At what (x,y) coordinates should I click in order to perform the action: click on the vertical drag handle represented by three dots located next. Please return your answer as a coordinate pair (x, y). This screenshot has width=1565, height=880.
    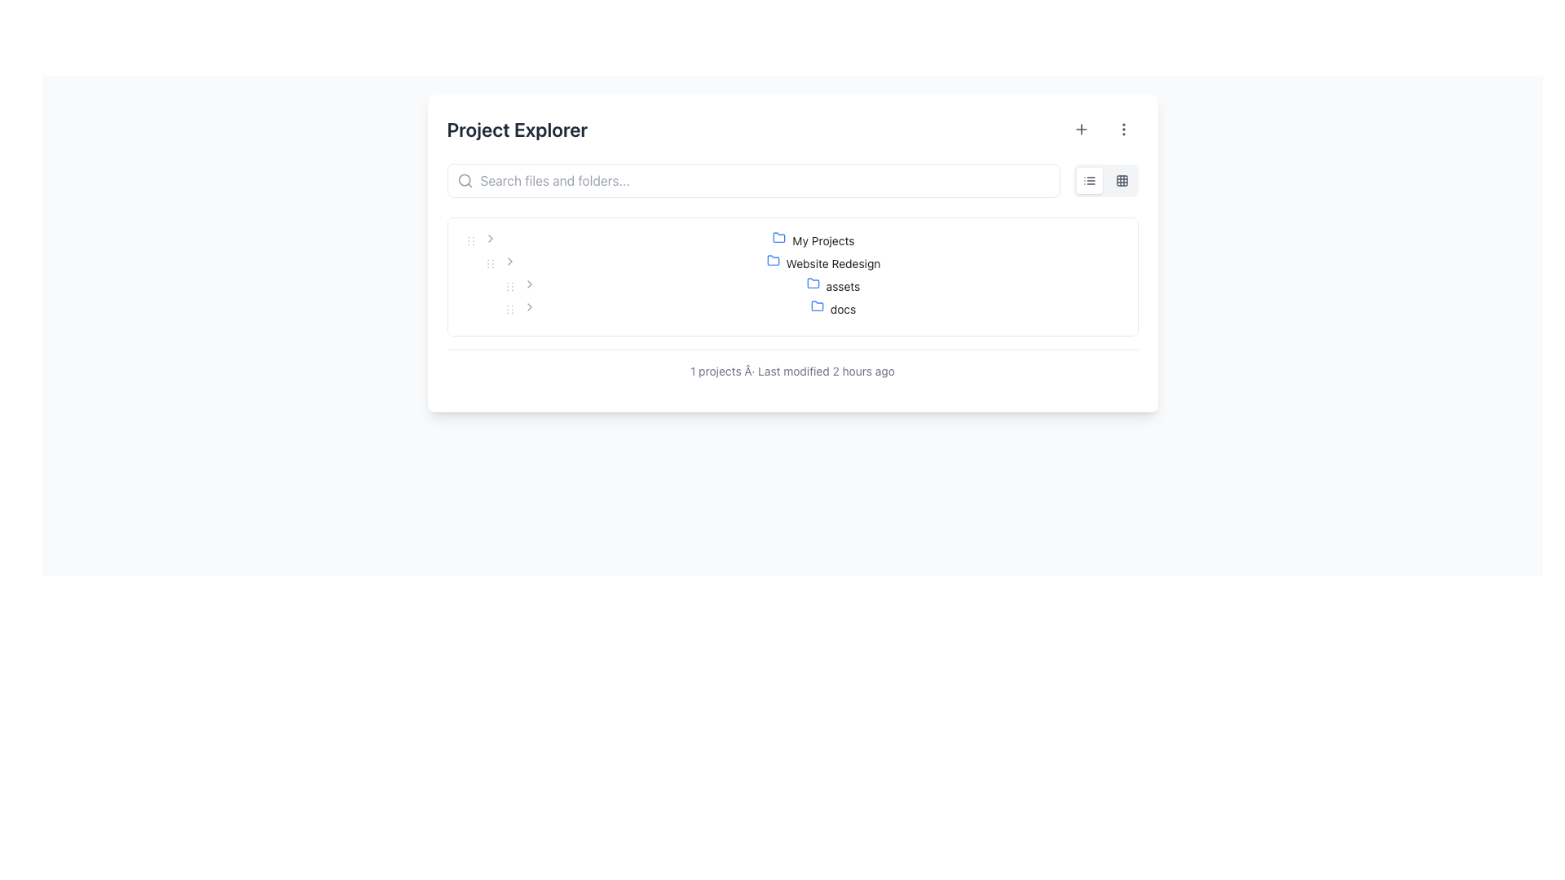
    Looking at the image, I should click on (489, 263).